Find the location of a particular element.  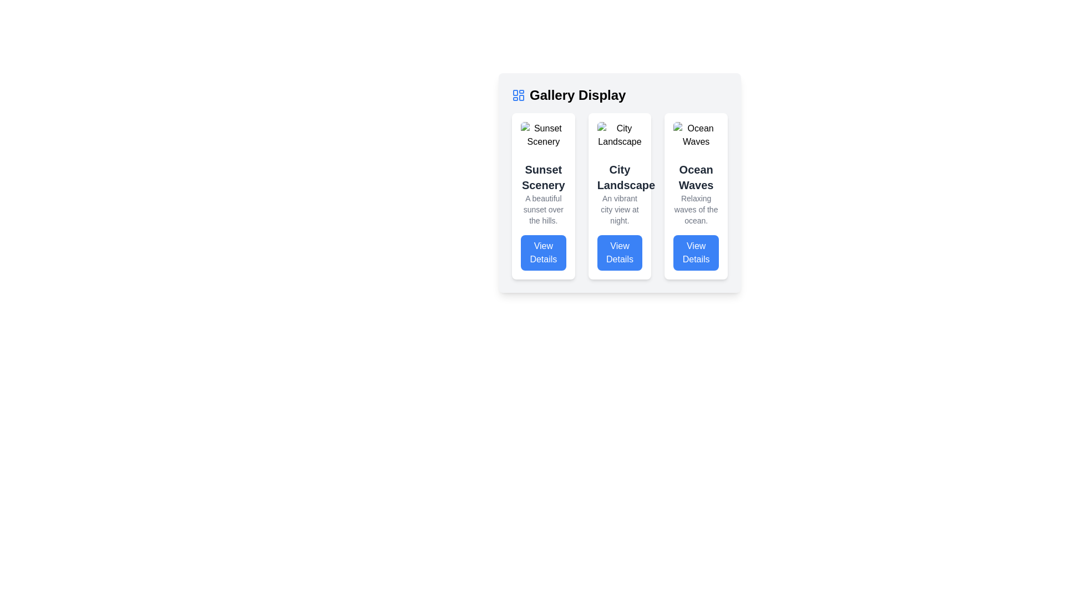

the bold text label displaying 'Sunset Scenery' to enhance visibility is located at coordinates (543, 177).